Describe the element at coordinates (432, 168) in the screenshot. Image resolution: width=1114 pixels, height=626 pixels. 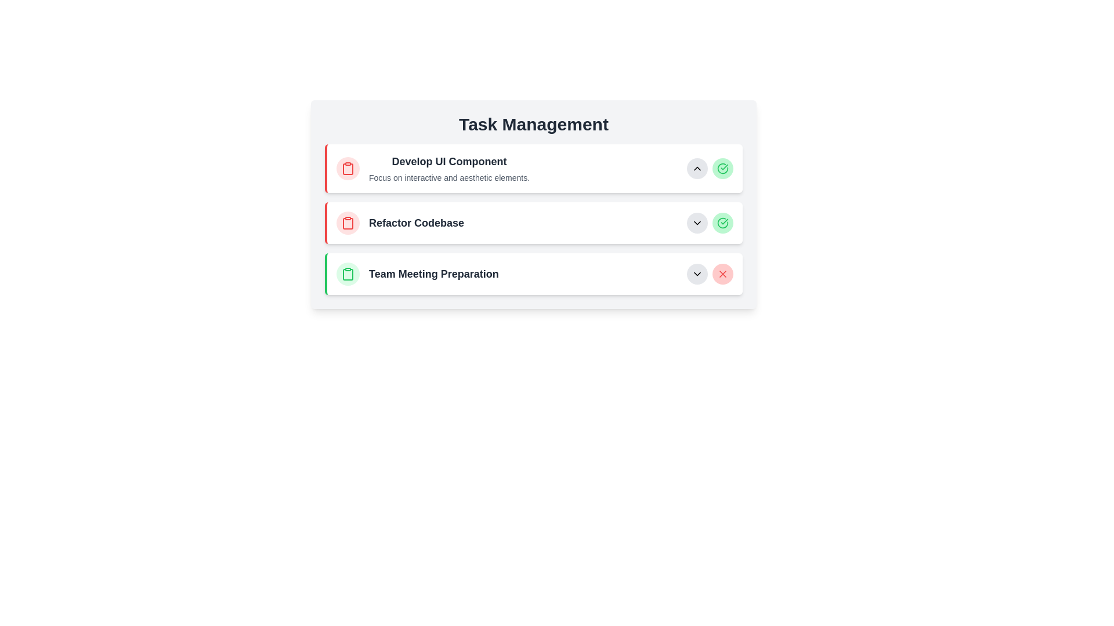
I see `to select the first task listed under the 'Task Management' section, which is represented as a List Item with Icon and Description` at that location.